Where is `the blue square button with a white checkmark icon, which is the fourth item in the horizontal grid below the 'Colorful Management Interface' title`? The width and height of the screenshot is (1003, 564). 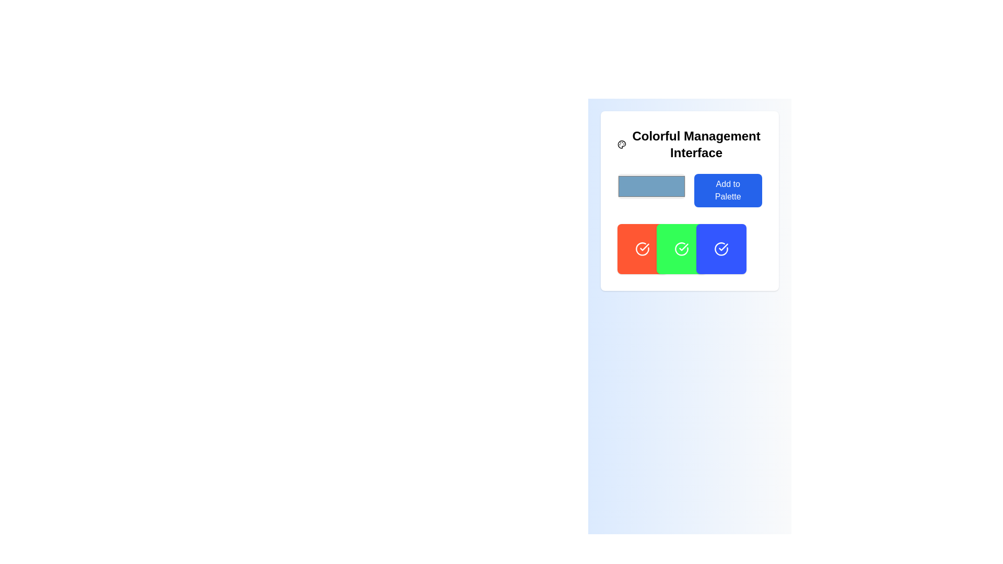
the blue square button with a white checkmark icon, which is the fourth item in the horizontal grid below the 'Colorful Management Interface' title is located at coordinates (720, 249).